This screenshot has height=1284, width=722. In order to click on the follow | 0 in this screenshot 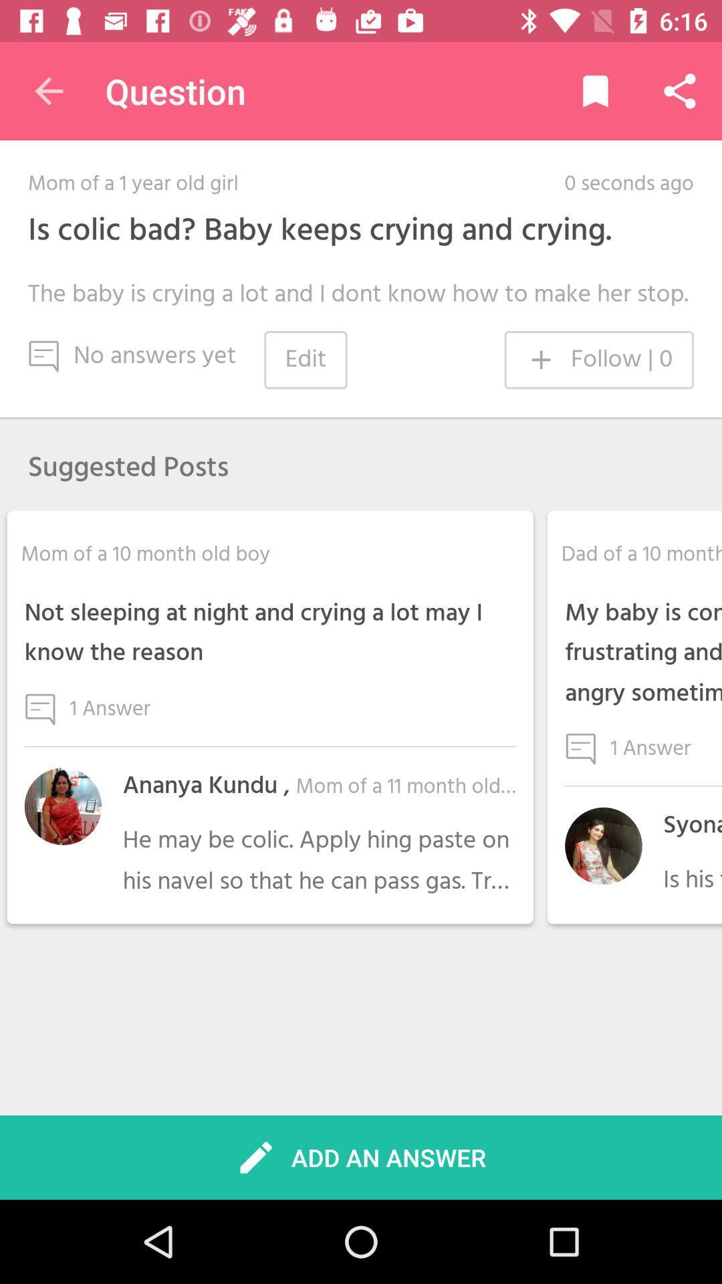, I will do `click(598, 360)`.